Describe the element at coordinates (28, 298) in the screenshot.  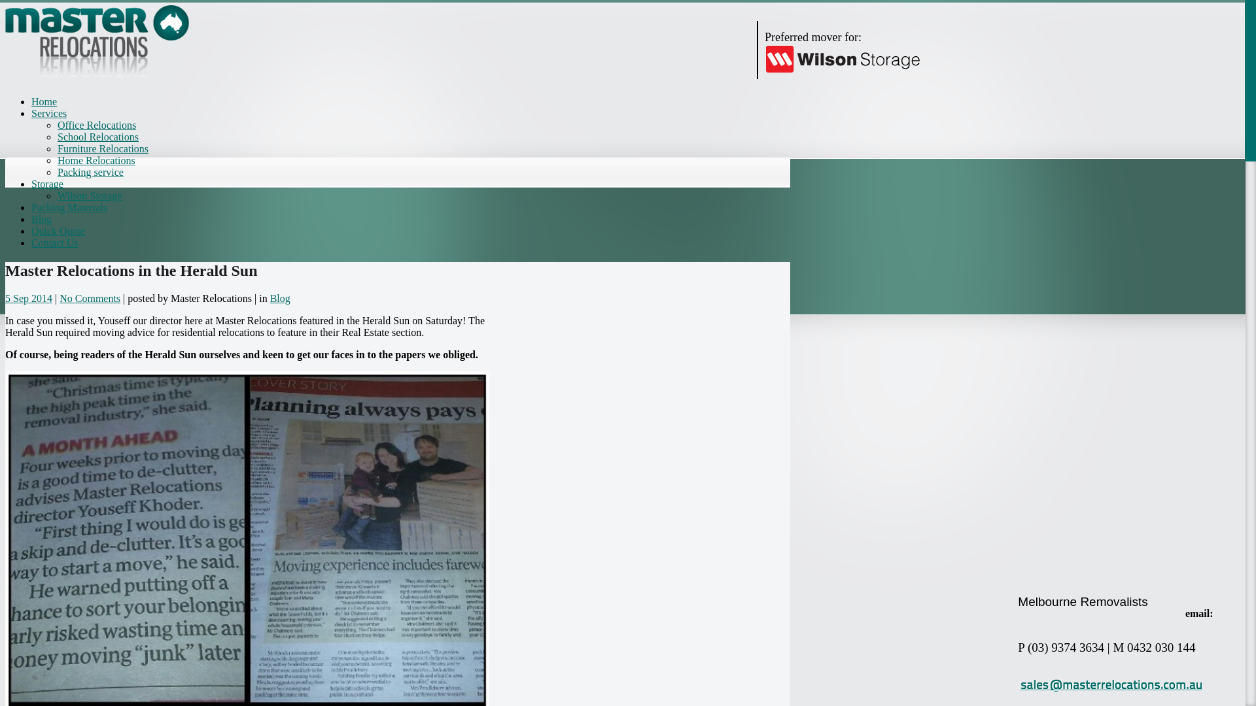
I see `'5 Sep 2014'` at that location.